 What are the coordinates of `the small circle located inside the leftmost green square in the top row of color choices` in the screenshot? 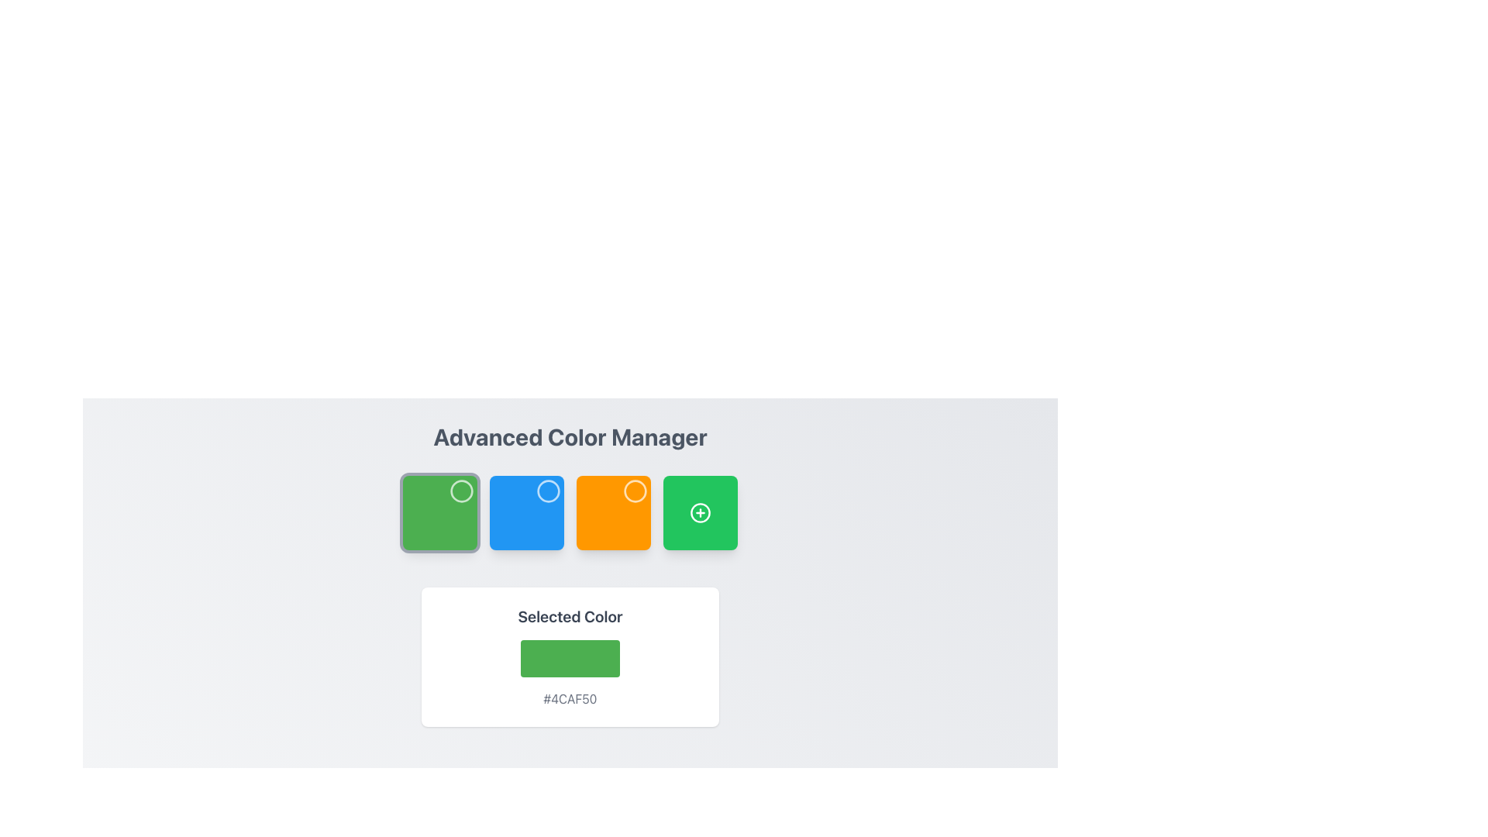 It's located at (460, 491).